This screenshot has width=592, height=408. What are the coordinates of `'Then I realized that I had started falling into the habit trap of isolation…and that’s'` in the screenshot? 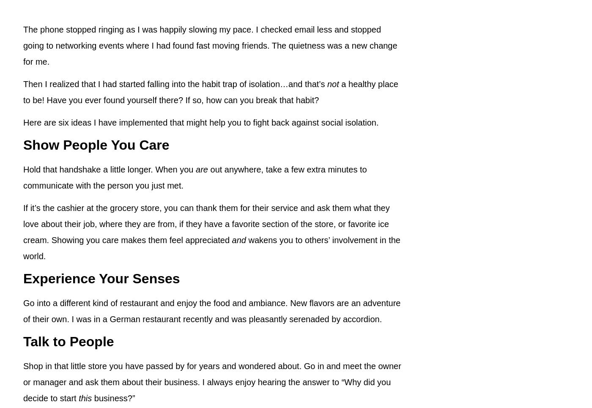 It's located at (175, 84).